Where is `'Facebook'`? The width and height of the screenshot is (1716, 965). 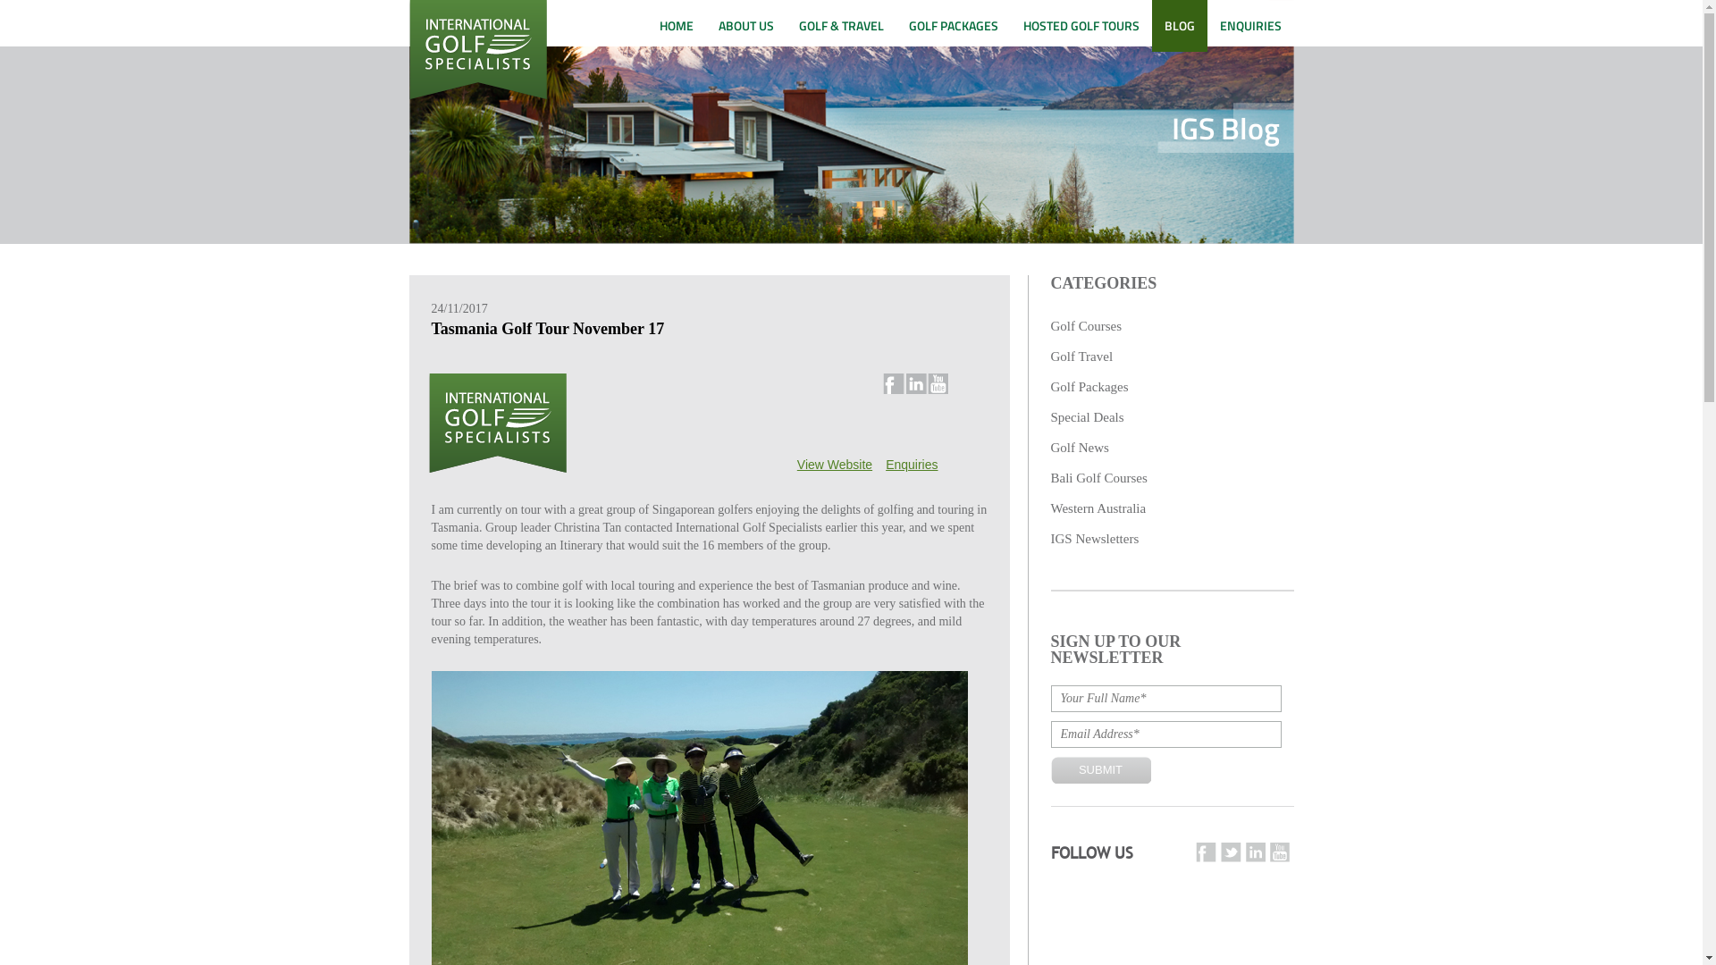 'Facebook' is located at coordinates (1206, 851).